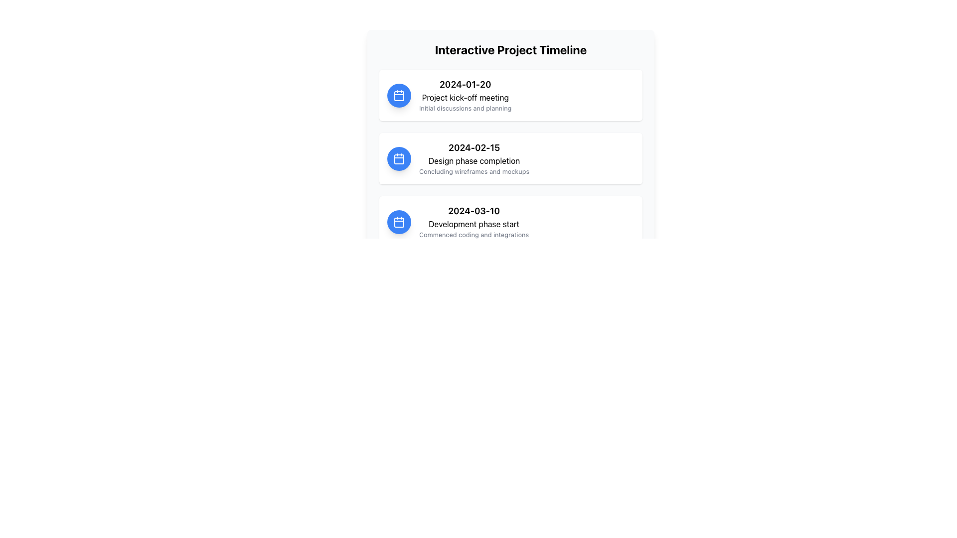 The width and height of the screenshot is (957, 538). What do you see at coordinates (465, 108) in the screenshot?
I see `text 'Initial discussions and planning' located in the timeline section directly below the 'Project kick-off meeting' text and the date '2024-01-20'` at bounding box center [465, 108].